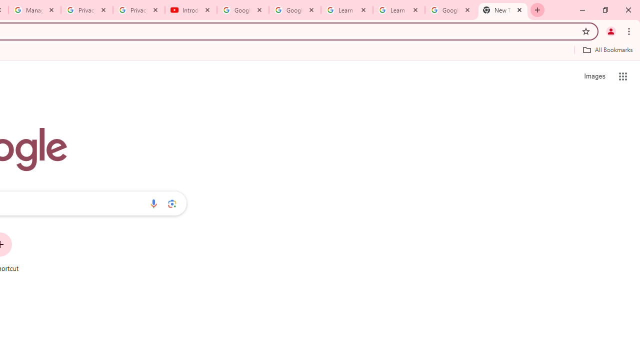 This screenshot has width=640, height=360. I want to click on 'Search for Images ', so click(594, 76).